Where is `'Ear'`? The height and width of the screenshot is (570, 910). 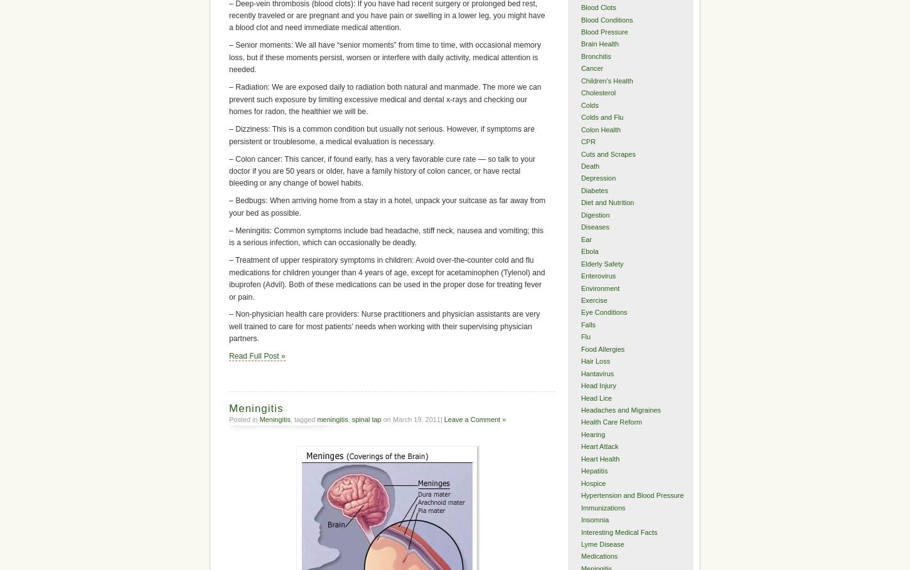
'Ear' is located at coordinates (585, 238).